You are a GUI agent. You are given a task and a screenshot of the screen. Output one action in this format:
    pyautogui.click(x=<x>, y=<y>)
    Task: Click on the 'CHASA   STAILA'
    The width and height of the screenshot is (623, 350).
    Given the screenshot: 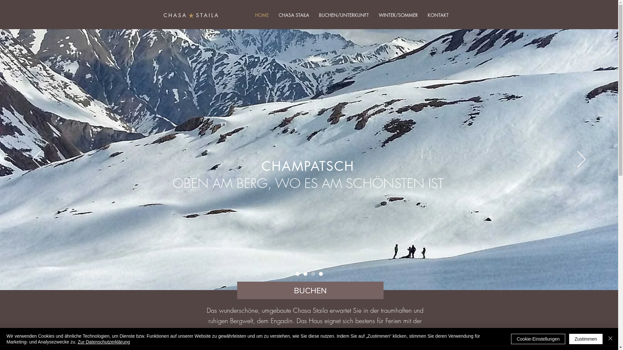 What is the action you would take?
    pyautogui.click(x=191, y=15)
    